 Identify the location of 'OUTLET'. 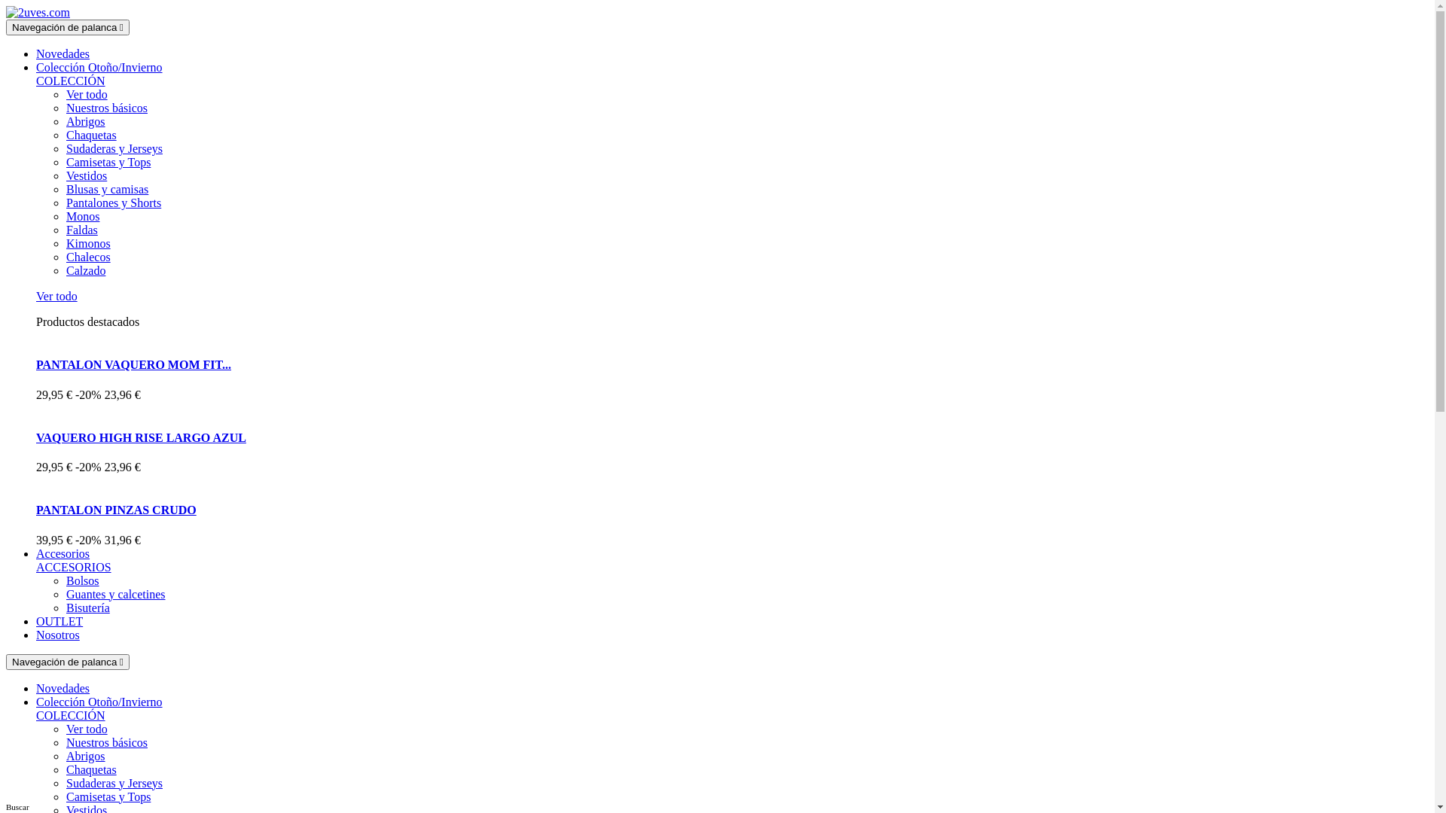
(59, 621).